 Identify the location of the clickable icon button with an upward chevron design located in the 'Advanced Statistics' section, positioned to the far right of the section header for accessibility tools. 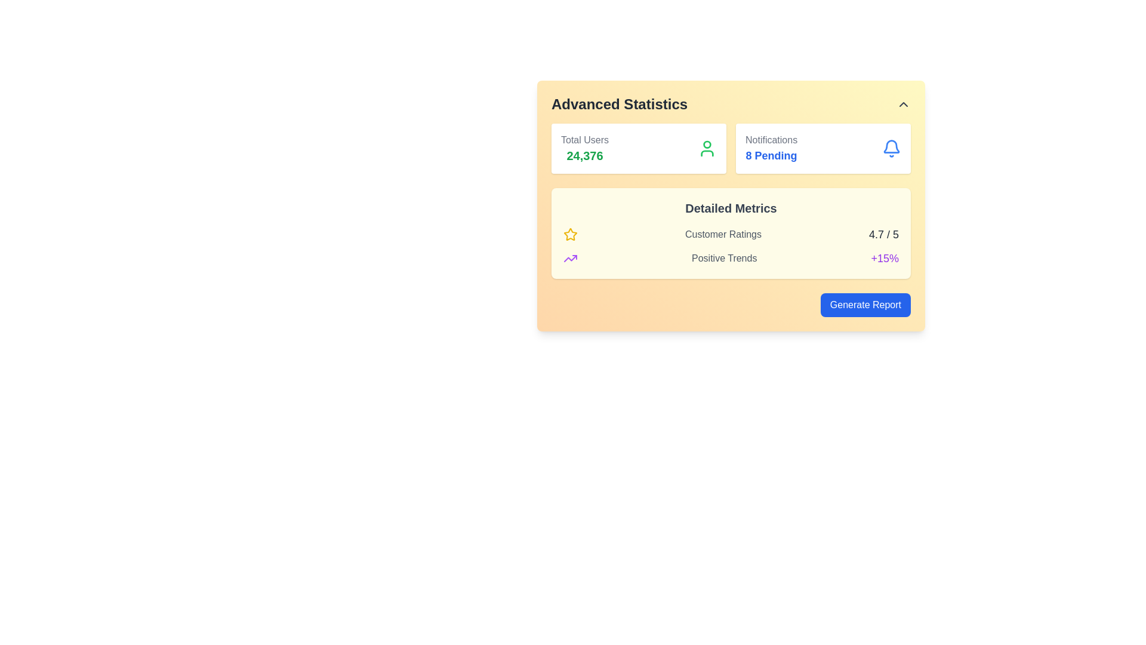
(903, 103).